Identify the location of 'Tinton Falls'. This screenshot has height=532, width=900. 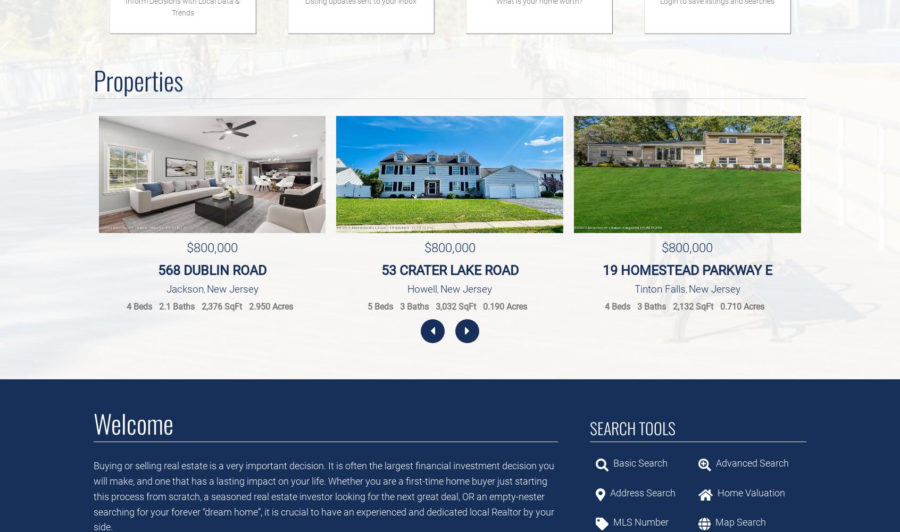
(634, 288).